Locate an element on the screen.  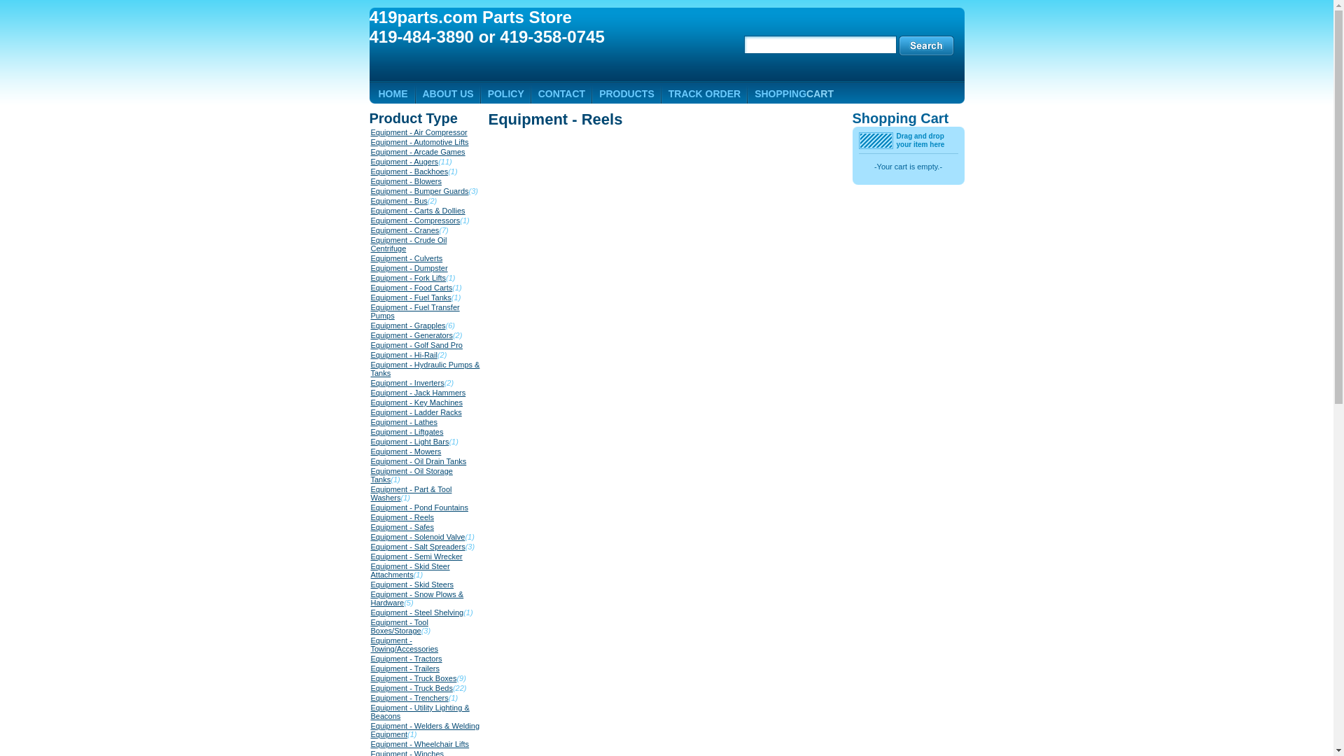
'Equipment - Bumper Guards' is located at coordinates (419, 191).